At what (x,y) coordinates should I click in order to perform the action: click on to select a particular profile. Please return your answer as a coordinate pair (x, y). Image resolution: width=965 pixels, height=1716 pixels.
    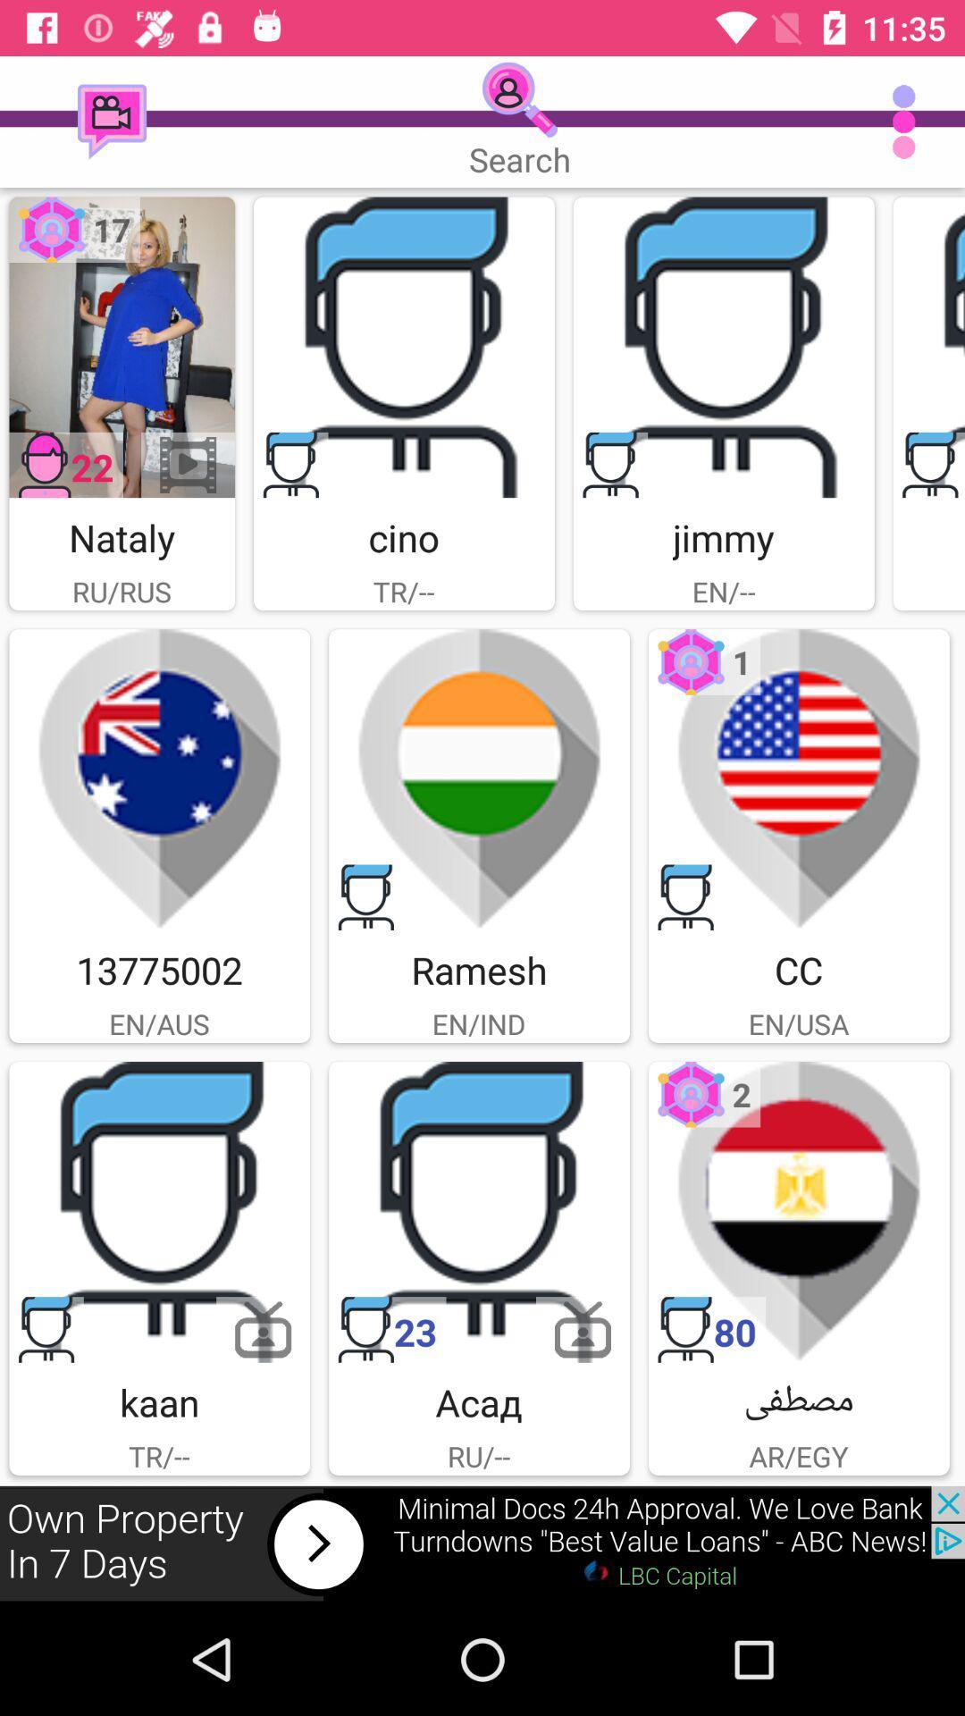
    Looking at the image, I should click on (158, 1212).